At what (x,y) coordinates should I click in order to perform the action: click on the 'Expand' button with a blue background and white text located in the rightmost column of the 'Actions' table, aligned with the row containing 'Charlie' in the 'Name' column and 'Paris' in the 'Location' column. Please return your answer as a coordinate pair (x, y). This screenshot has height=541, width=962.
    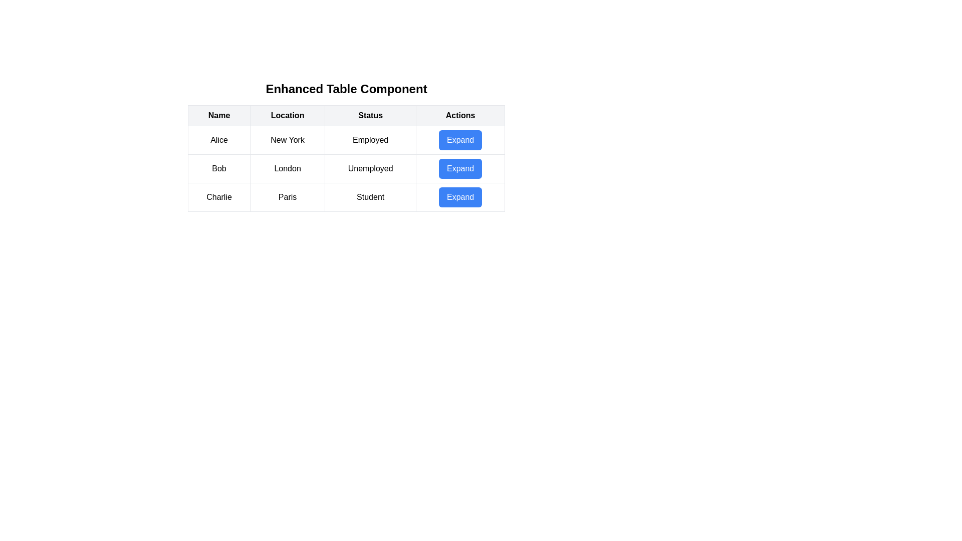
    Looking at the image, I should click on (460, 197).